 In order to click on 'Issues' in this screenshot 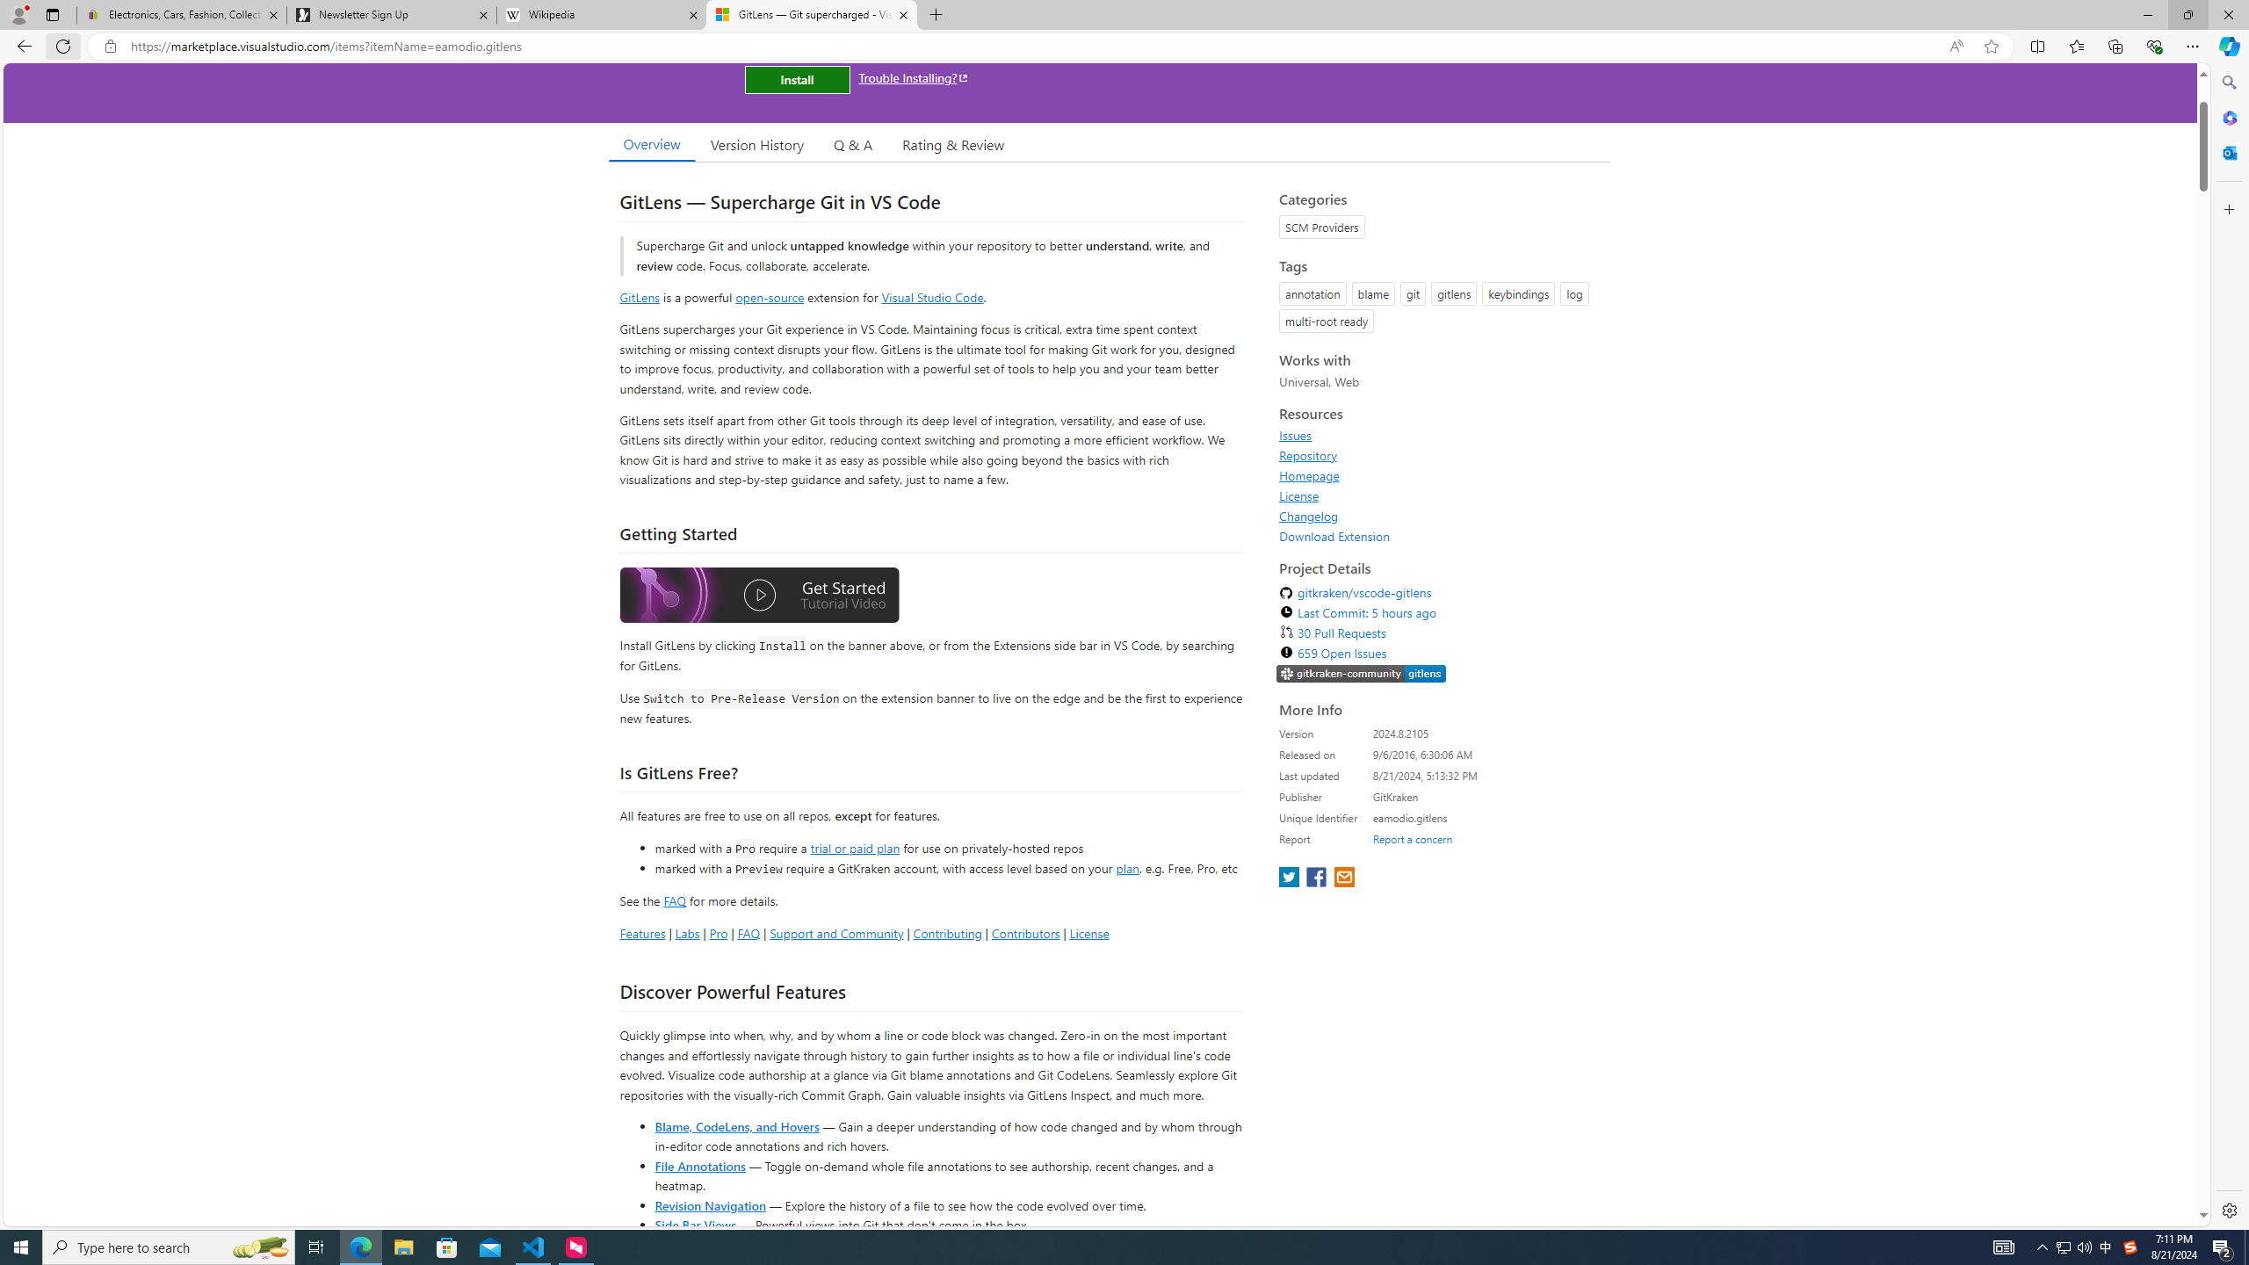, I will do `click(1294, 435)`.